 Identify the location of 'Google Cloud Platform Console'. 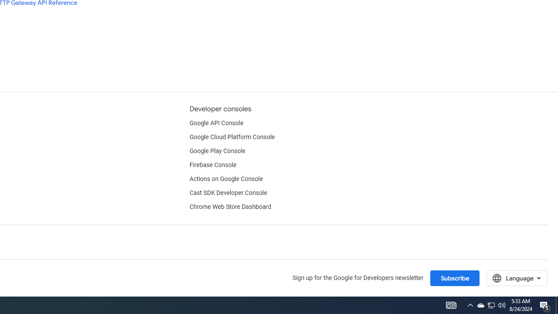
(232, 137).